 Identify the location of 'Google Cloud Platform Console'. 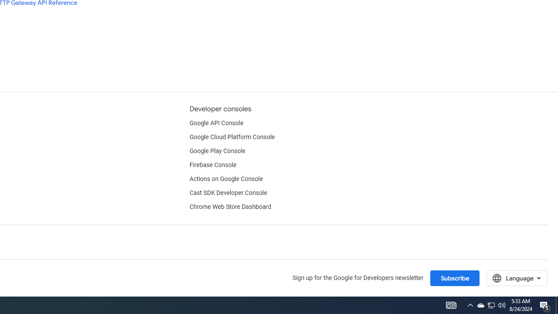
(232, 137).